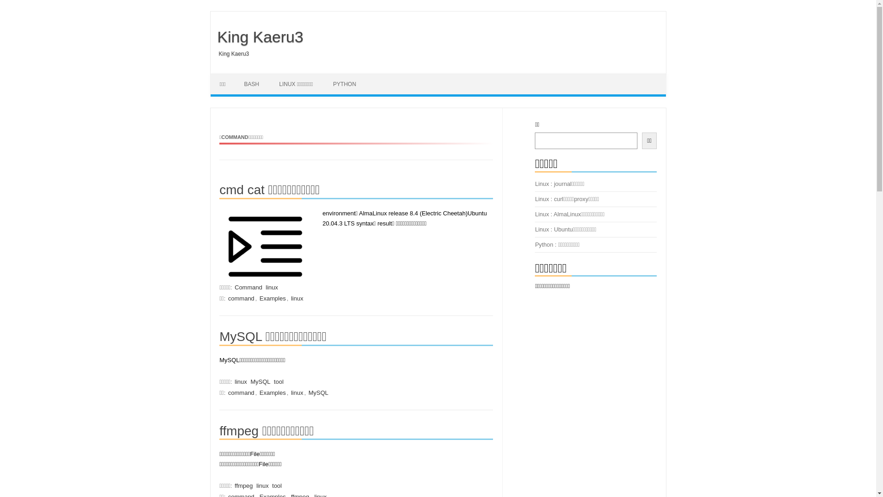  I want to click on 'command', so click(241, 393).